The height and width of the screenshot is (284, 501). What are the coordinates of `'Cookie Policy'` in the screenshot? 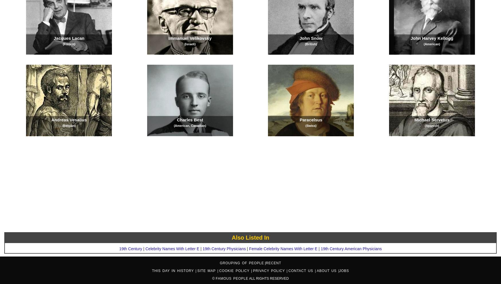 It's located at (235, 270).